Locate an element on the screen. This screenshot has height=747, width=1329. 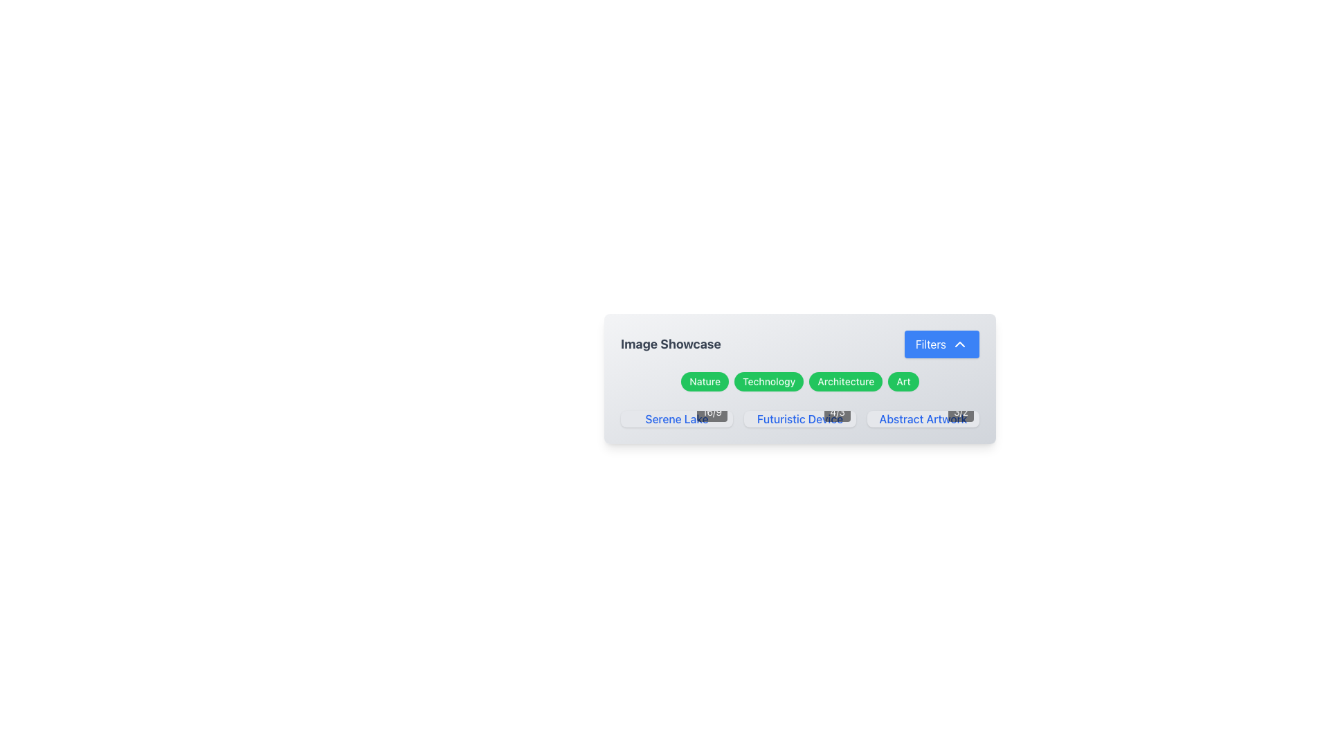
the 'Futuristic Device' Card component located in the 'Image Showcase' section is located at coordinates (800, 418).